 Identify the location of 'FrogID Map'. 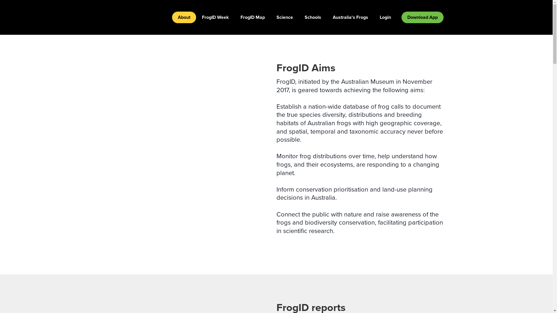
(234, 17).